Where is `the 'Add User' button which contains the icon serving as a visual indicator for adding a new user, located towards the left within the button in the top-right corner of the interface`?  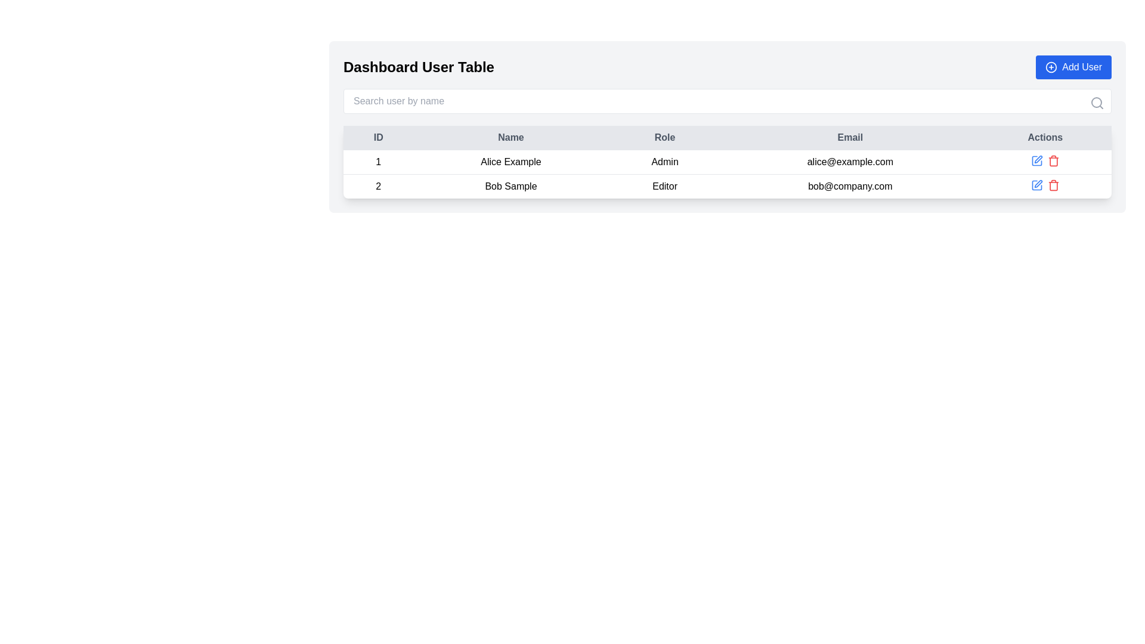 the 'Add User' button which contains the icon serving as a visual indicator for adding a new user, located towards the left within the button in the top-right corner of the interface is located at coordinates (1051, 67).